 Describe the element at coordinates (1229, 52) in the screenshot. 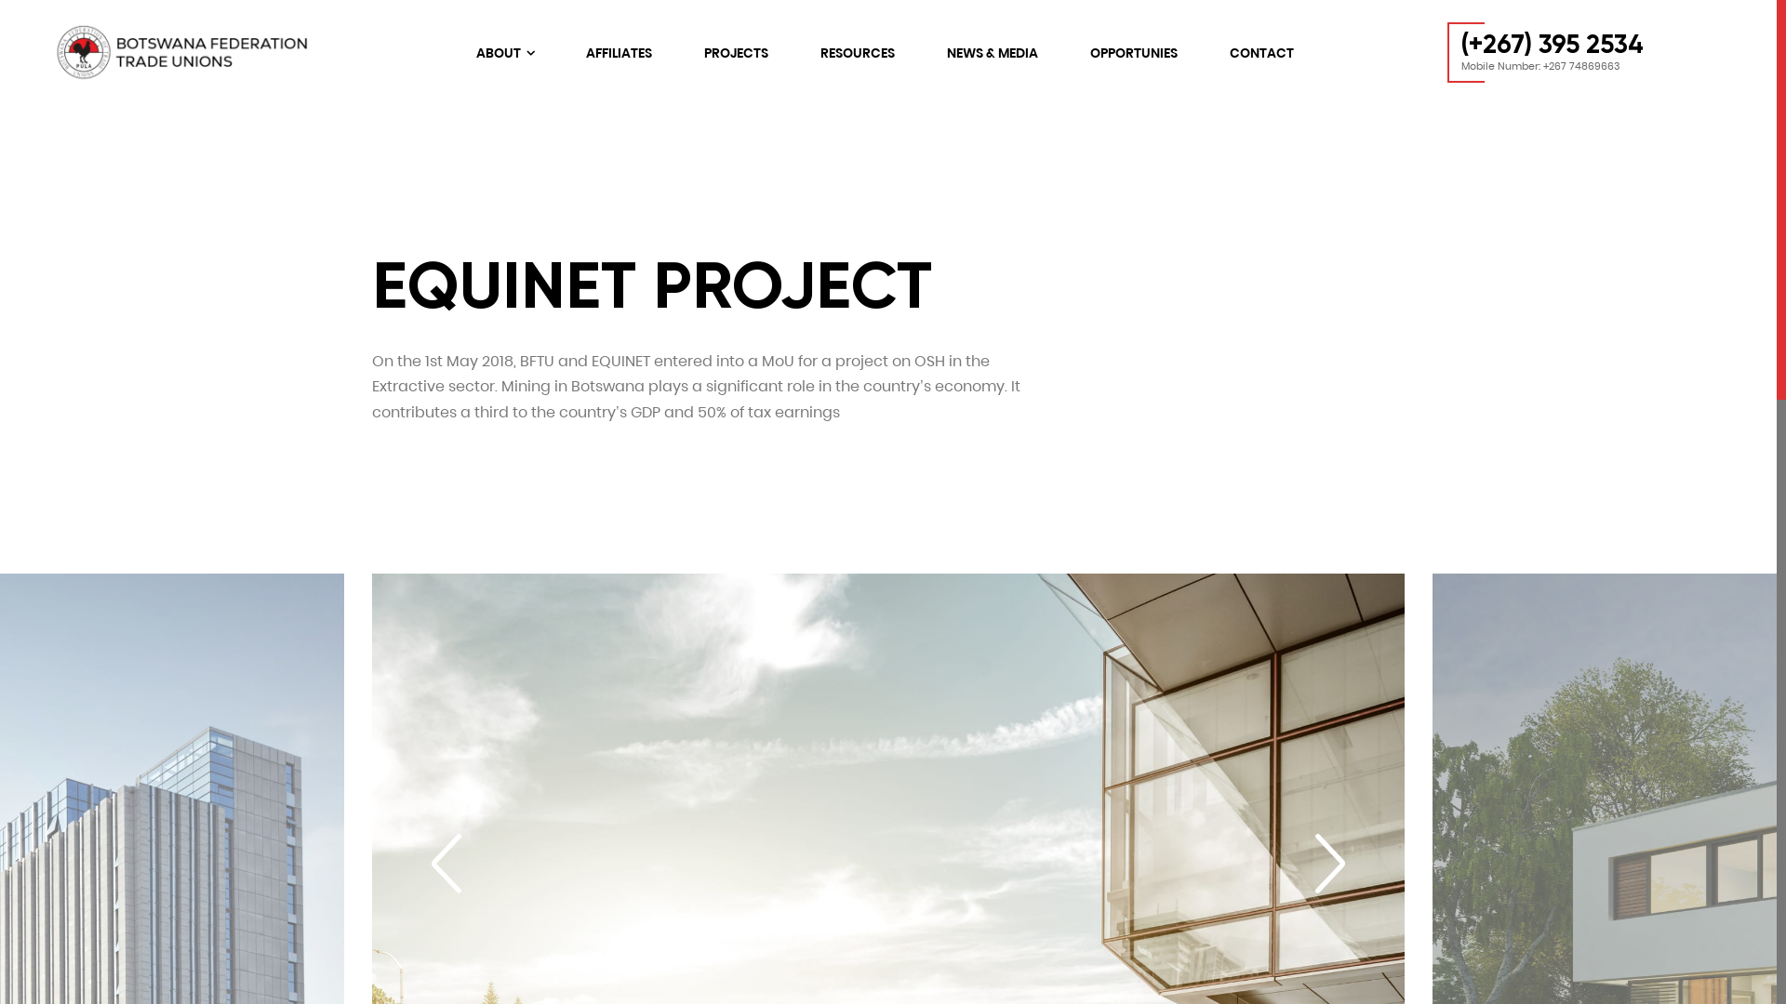

I see `'CONTACT'` at that location.